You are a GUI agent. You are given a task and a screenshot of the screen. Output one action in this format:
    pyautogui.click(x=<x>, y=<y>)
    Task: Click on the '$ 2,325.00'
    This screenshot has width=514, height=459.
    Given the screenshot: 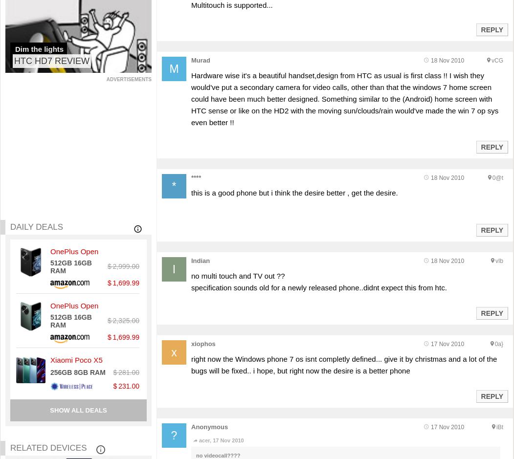 What is the action you would take?
    pyautogui.click(x=123, y=320)
    